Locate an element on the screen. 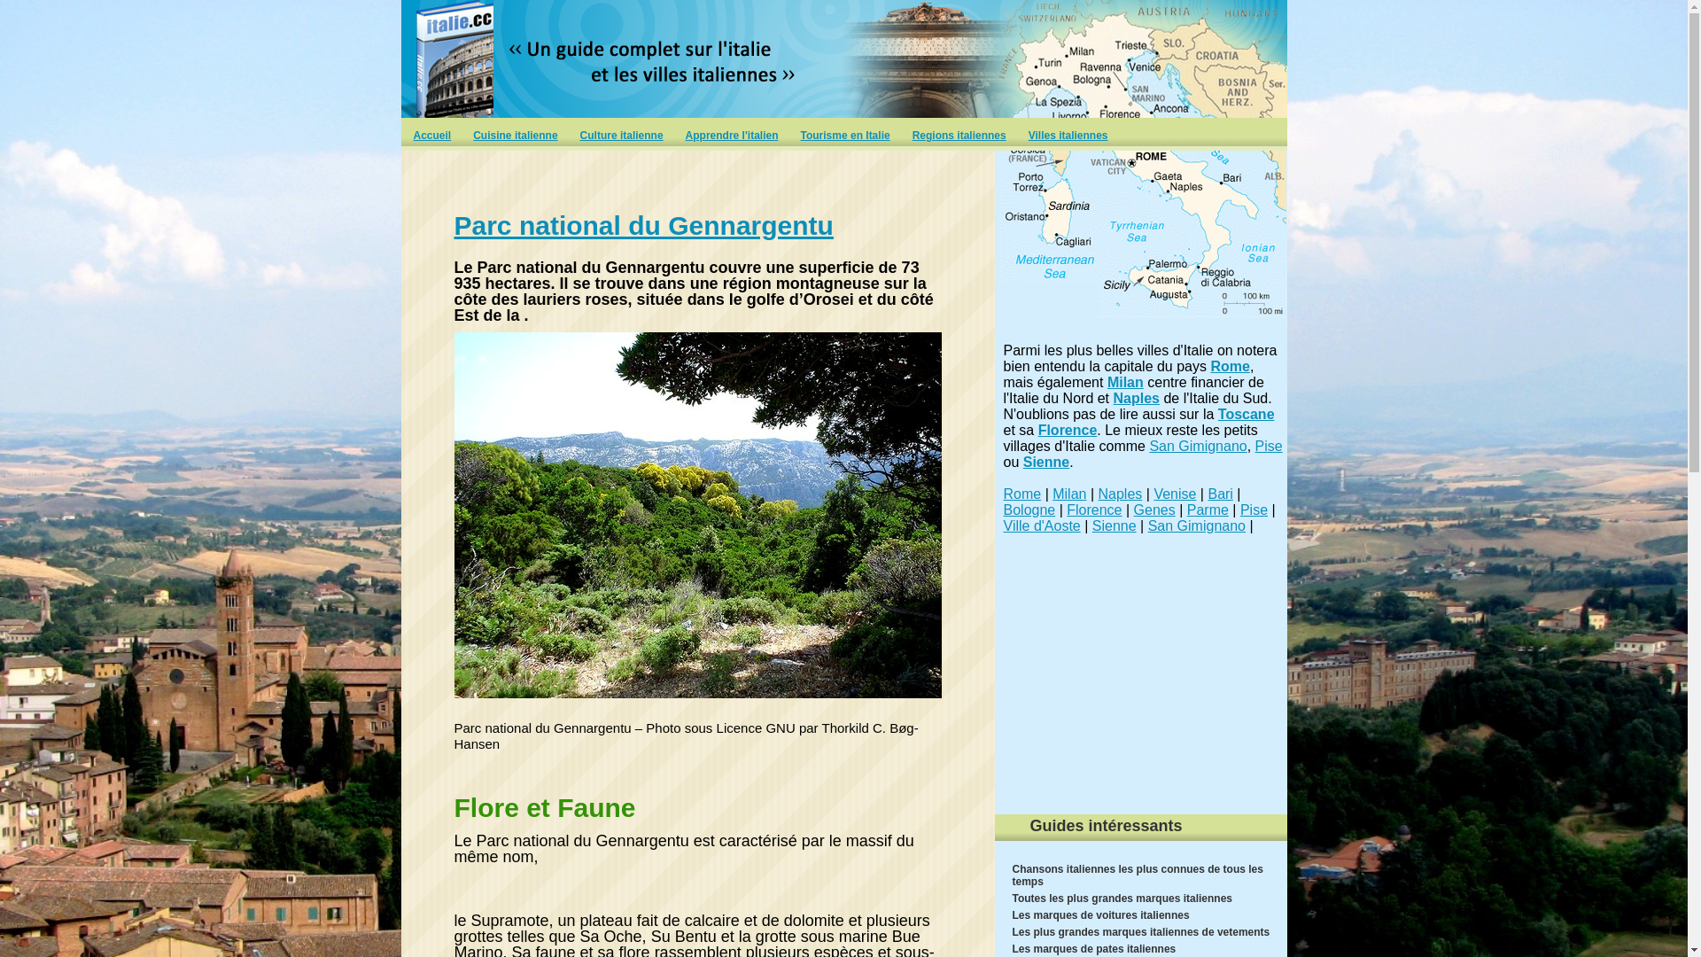 Image resolution: width=1701 pixels, height=957 pixels. 'Tourisme en Italie' is located at coordinates (844, 136).